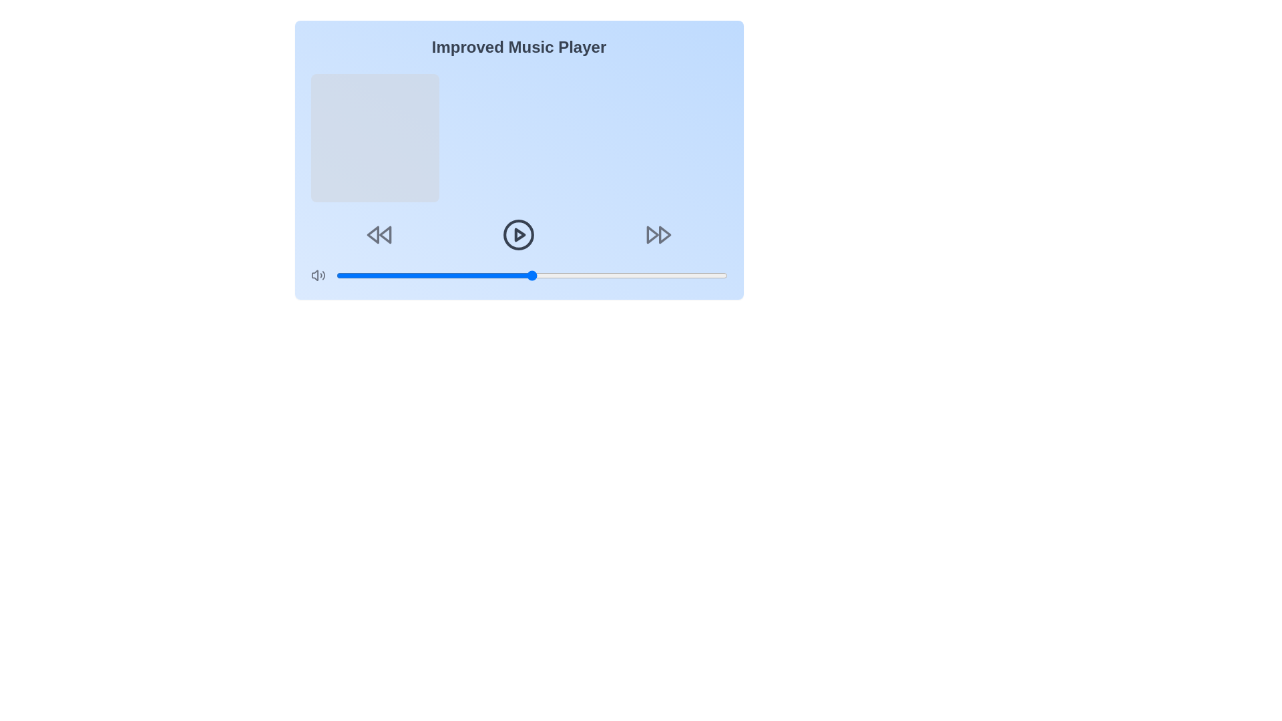 Image resolution: width=1282 pixels, height=721 pixels. What do you see at coordinates (344, 274) in the screenshot?
I see `the volume` at bounding box center [344, 274].